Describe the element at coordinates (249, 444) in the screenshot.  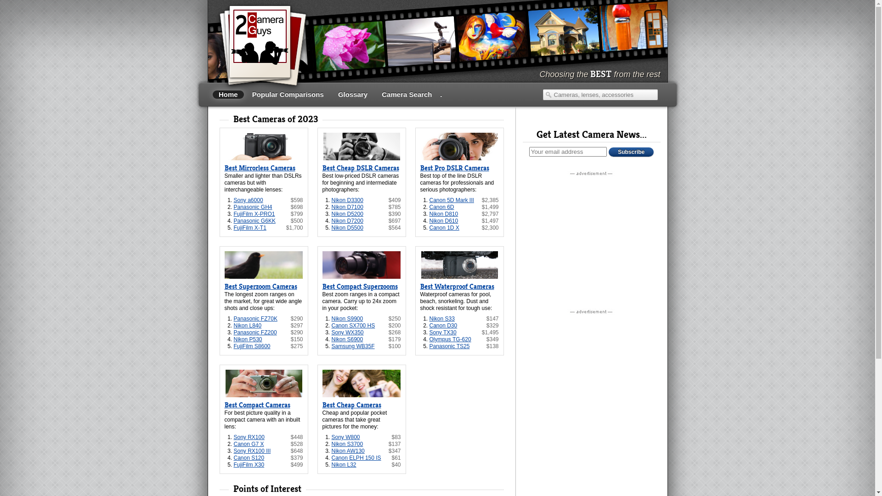
I see `'Canon G7 X'` at that location.